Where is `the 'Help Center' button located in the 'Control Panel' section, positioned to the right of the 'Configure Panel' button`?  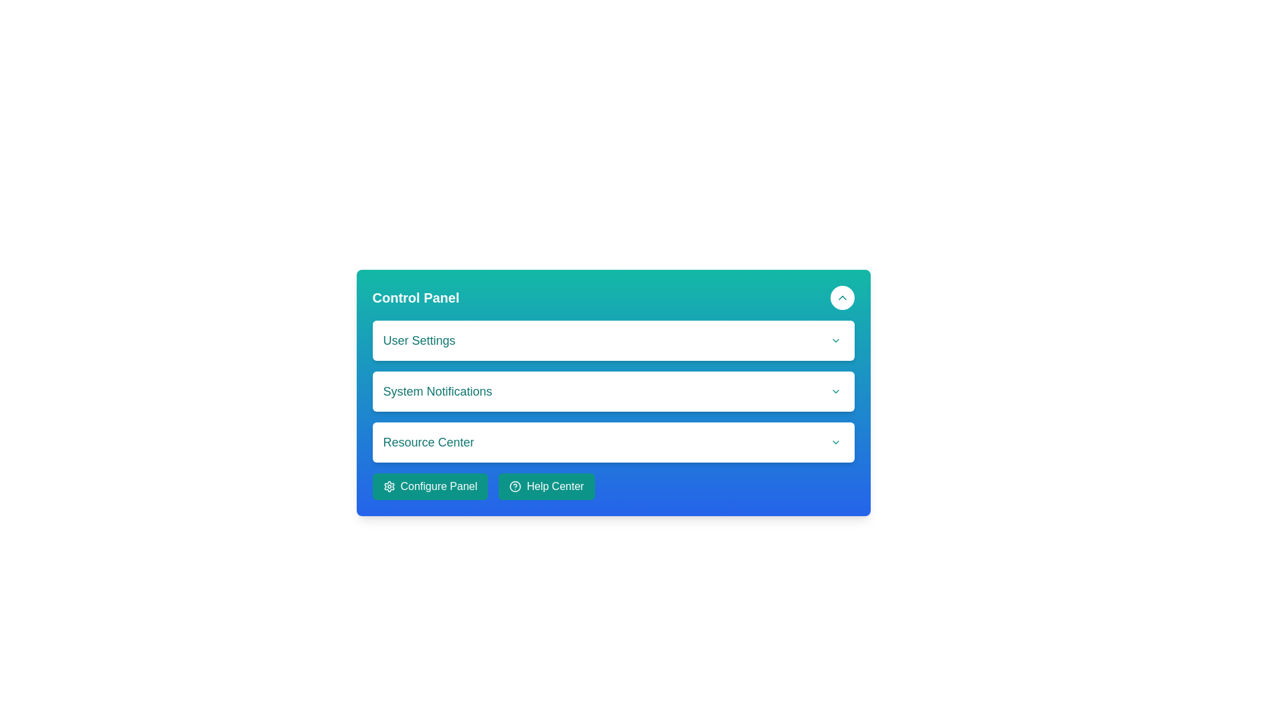 the 'Help Center' button located in the 'Control Panel' section, positioned to the right of the 'Configure Panel' button is located at coordinates (546, 486).